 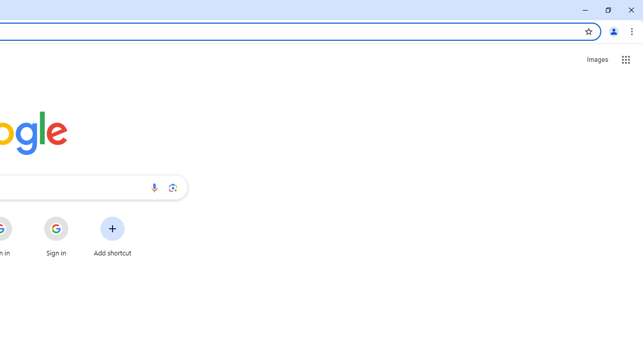 What do you see at coordinates (113, 236) in the screenshot?
I see `'Add shortcut'` at bounding box center [113, 236].